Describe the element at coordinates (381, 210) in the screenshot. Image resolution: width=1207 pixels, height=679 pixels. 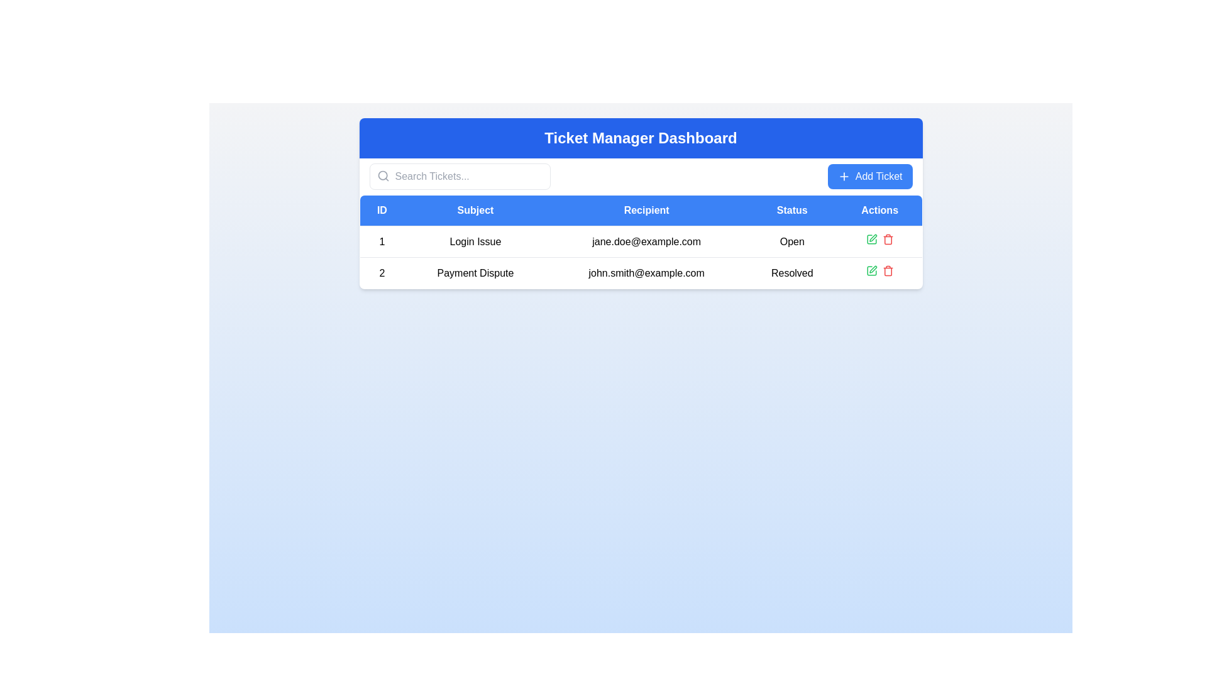
I see `the Text label that serves as the header for the first column of the table, which indicates unique identifiers (IDs) for listed items` at that location.